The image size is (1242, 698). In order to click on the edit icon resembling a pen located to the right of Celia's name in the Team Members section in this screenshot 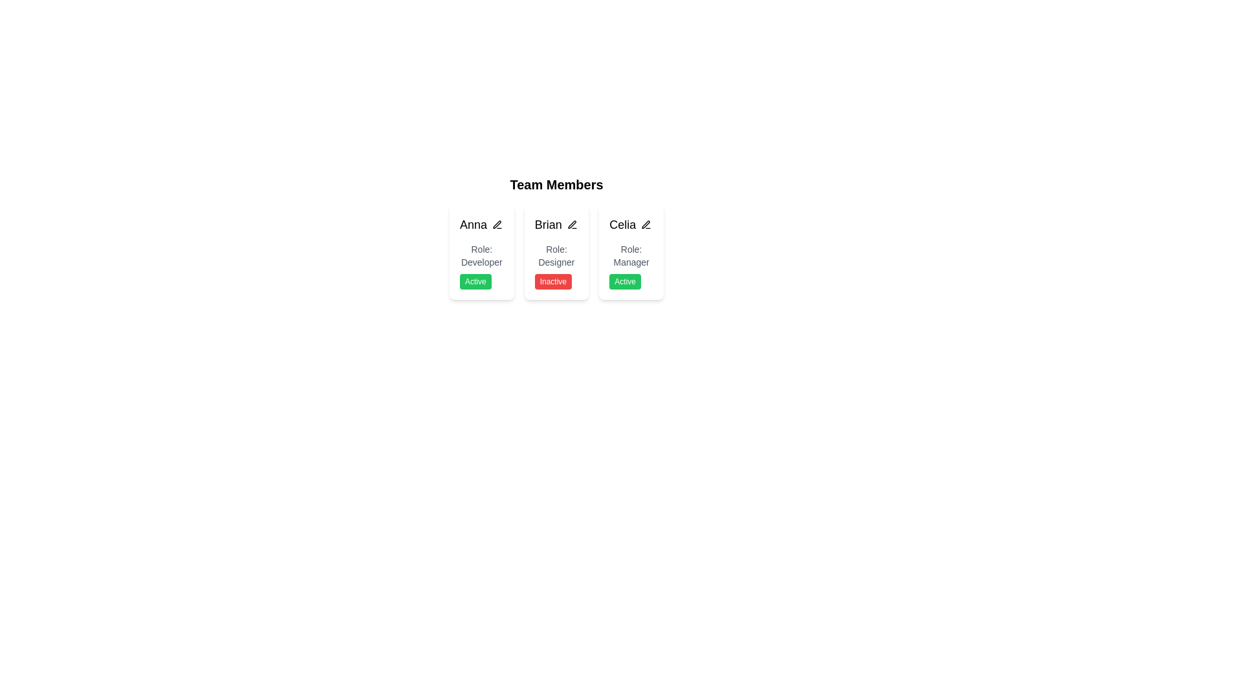, I will do `click(646, 224)`.